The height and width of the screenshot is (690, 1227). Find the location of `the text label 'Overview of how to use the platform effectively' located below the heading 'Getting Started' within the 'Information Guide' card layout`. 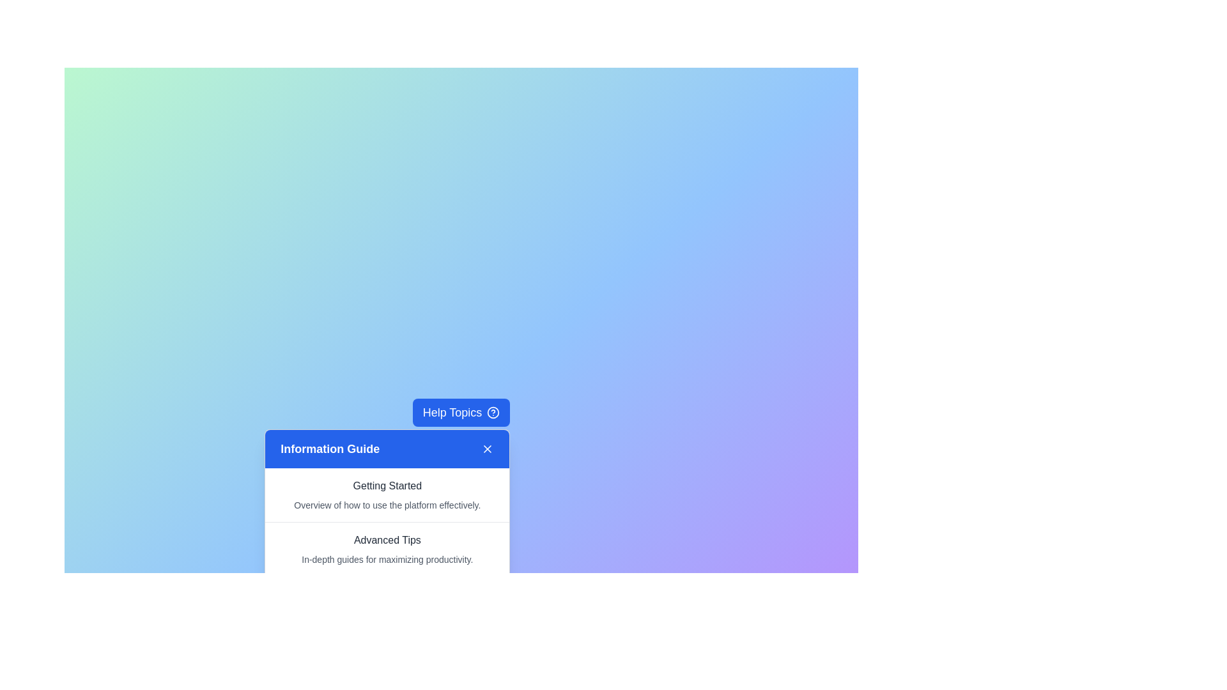

the text label 'Overview of how to use the platform effectively' located below the heading 'Getting Started' within the 'Information Guide' card layout is located at coordinates (387, 504).